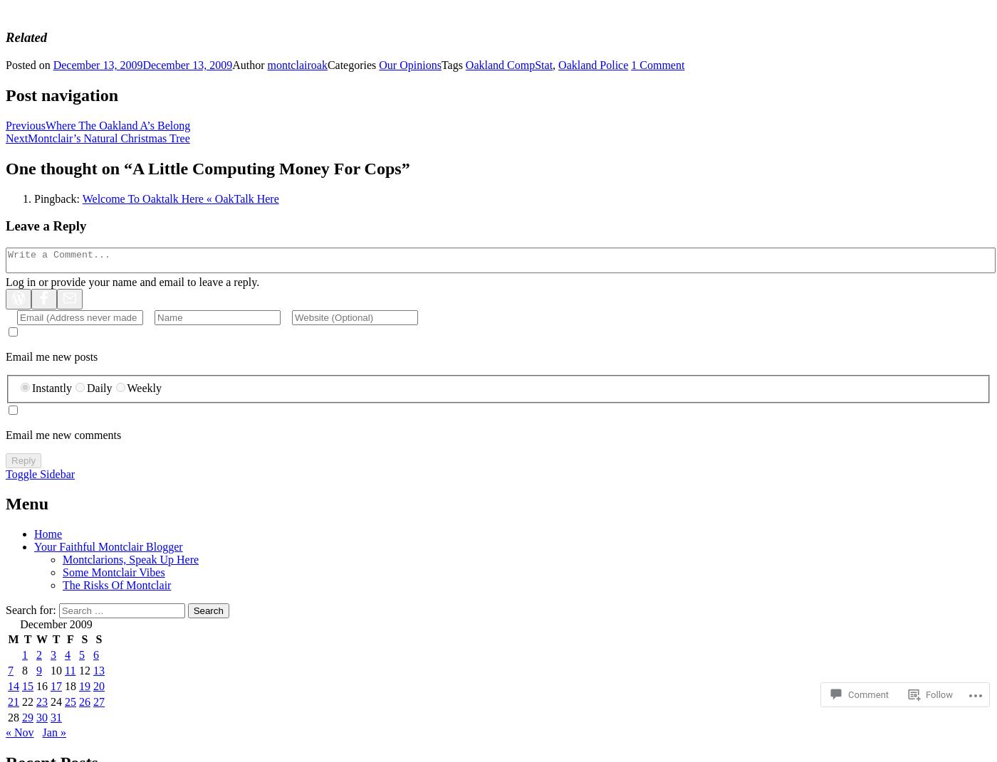 This screenshot has height=762, width=997. Describe the element at coordinates (69, 168) in the screenshot. I see `'One thought on “'` at that location.